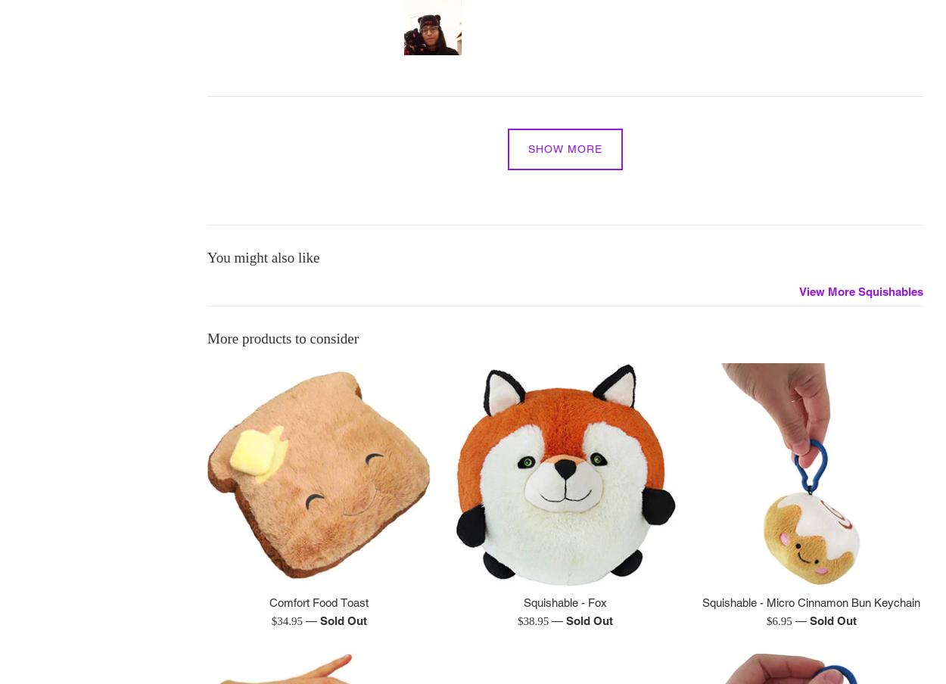 Image resolution: width=946 pixels, height=684 pixels. What do you see at coordinates (564, 602) in the screenshot?
I see `'Squishable - Fox'` at bounding box center [564, 602].